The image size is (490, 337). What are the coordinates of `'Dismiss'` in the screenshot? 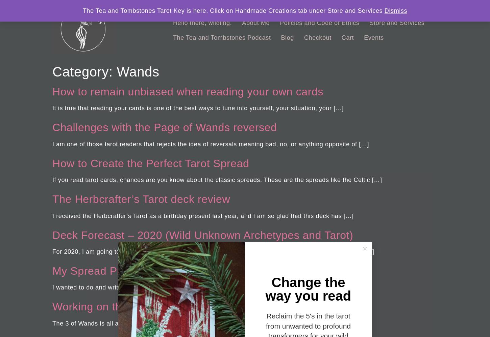 It's located at (395, 11).